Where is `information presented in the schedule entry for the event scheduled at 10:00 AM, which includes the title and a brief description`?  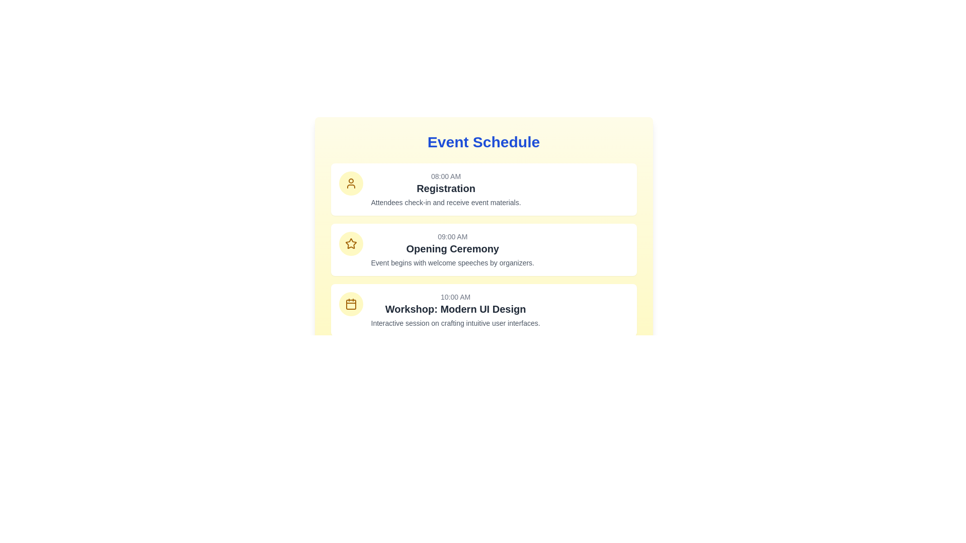 information presented in the schedule entry for the event scheduled at 10:00 AM, which includes the title and a brief description is located at coordinates (455, 310).